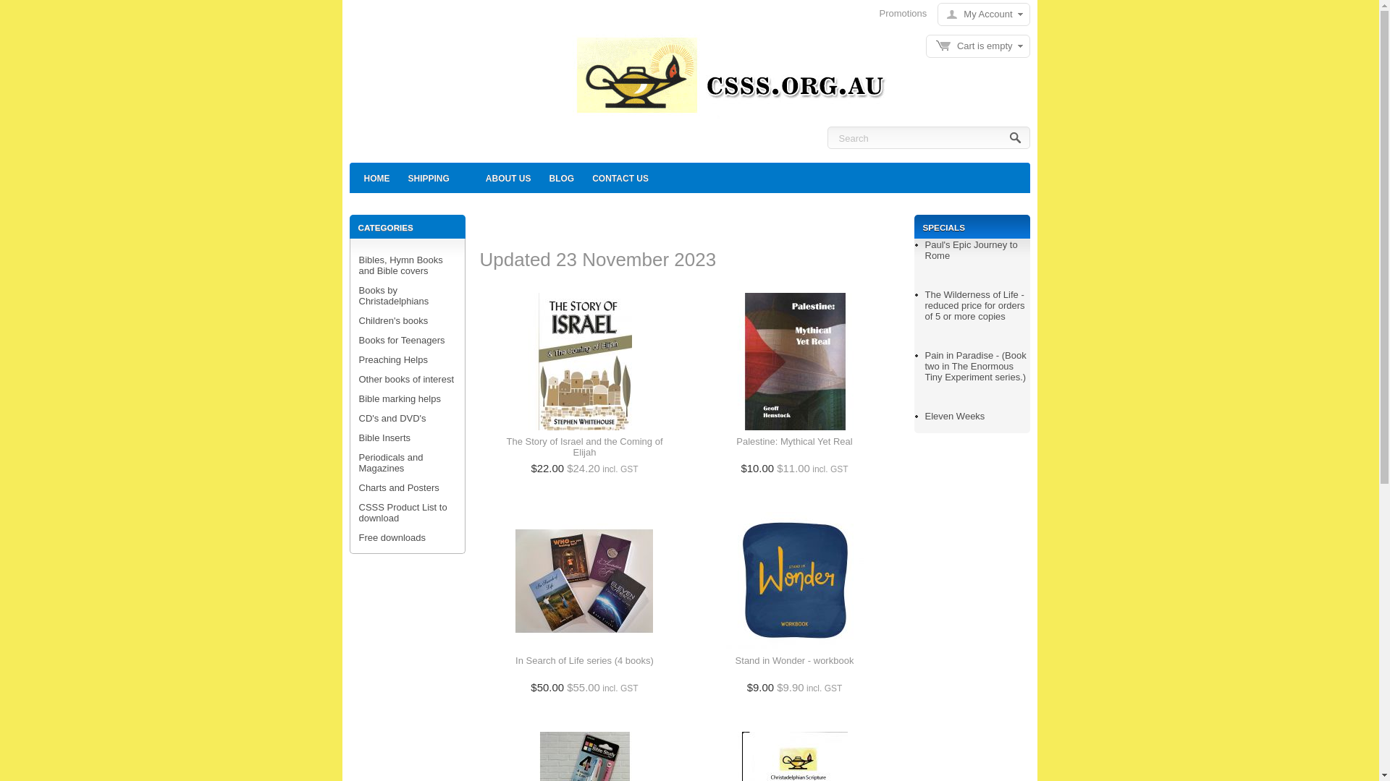 The image size is (1390, 781). Describe the element at coordinates (394, 294) in the screenshot. I see `'Books by Christadelphians'` at that location.